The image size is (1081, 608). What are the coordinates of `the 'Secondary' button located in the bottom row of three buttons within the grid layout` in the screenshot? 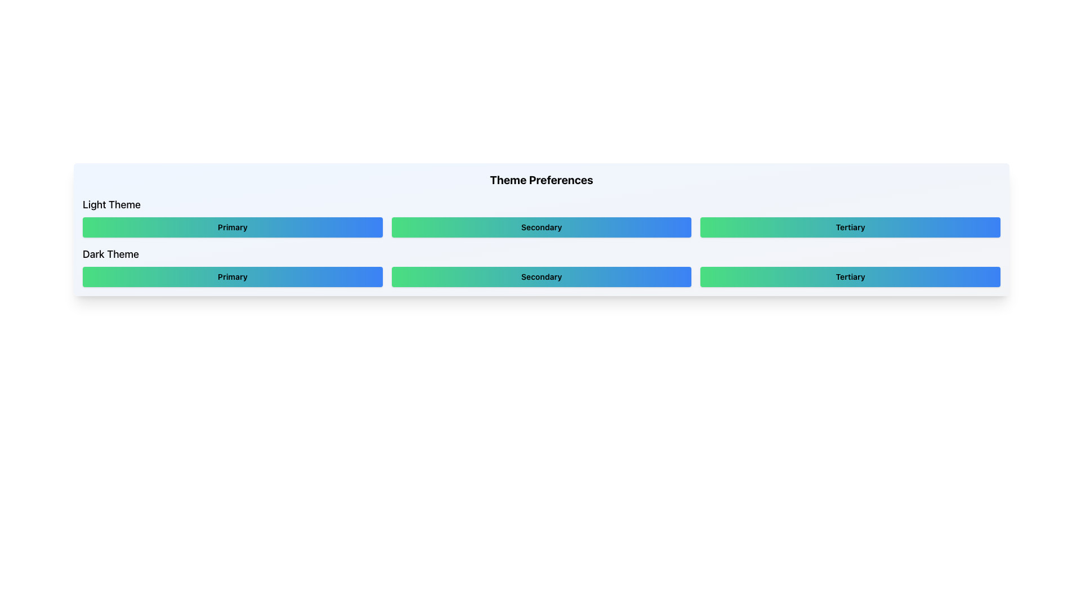 It's located at (541, 277).